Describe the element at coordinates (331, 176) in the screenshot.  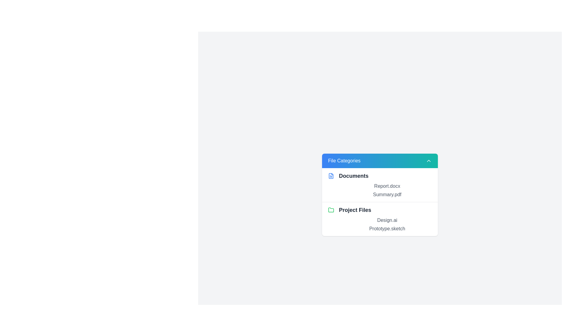
I see `the Documents category icon located to the left of the 'Documents' text label by clicking on it` at that location.